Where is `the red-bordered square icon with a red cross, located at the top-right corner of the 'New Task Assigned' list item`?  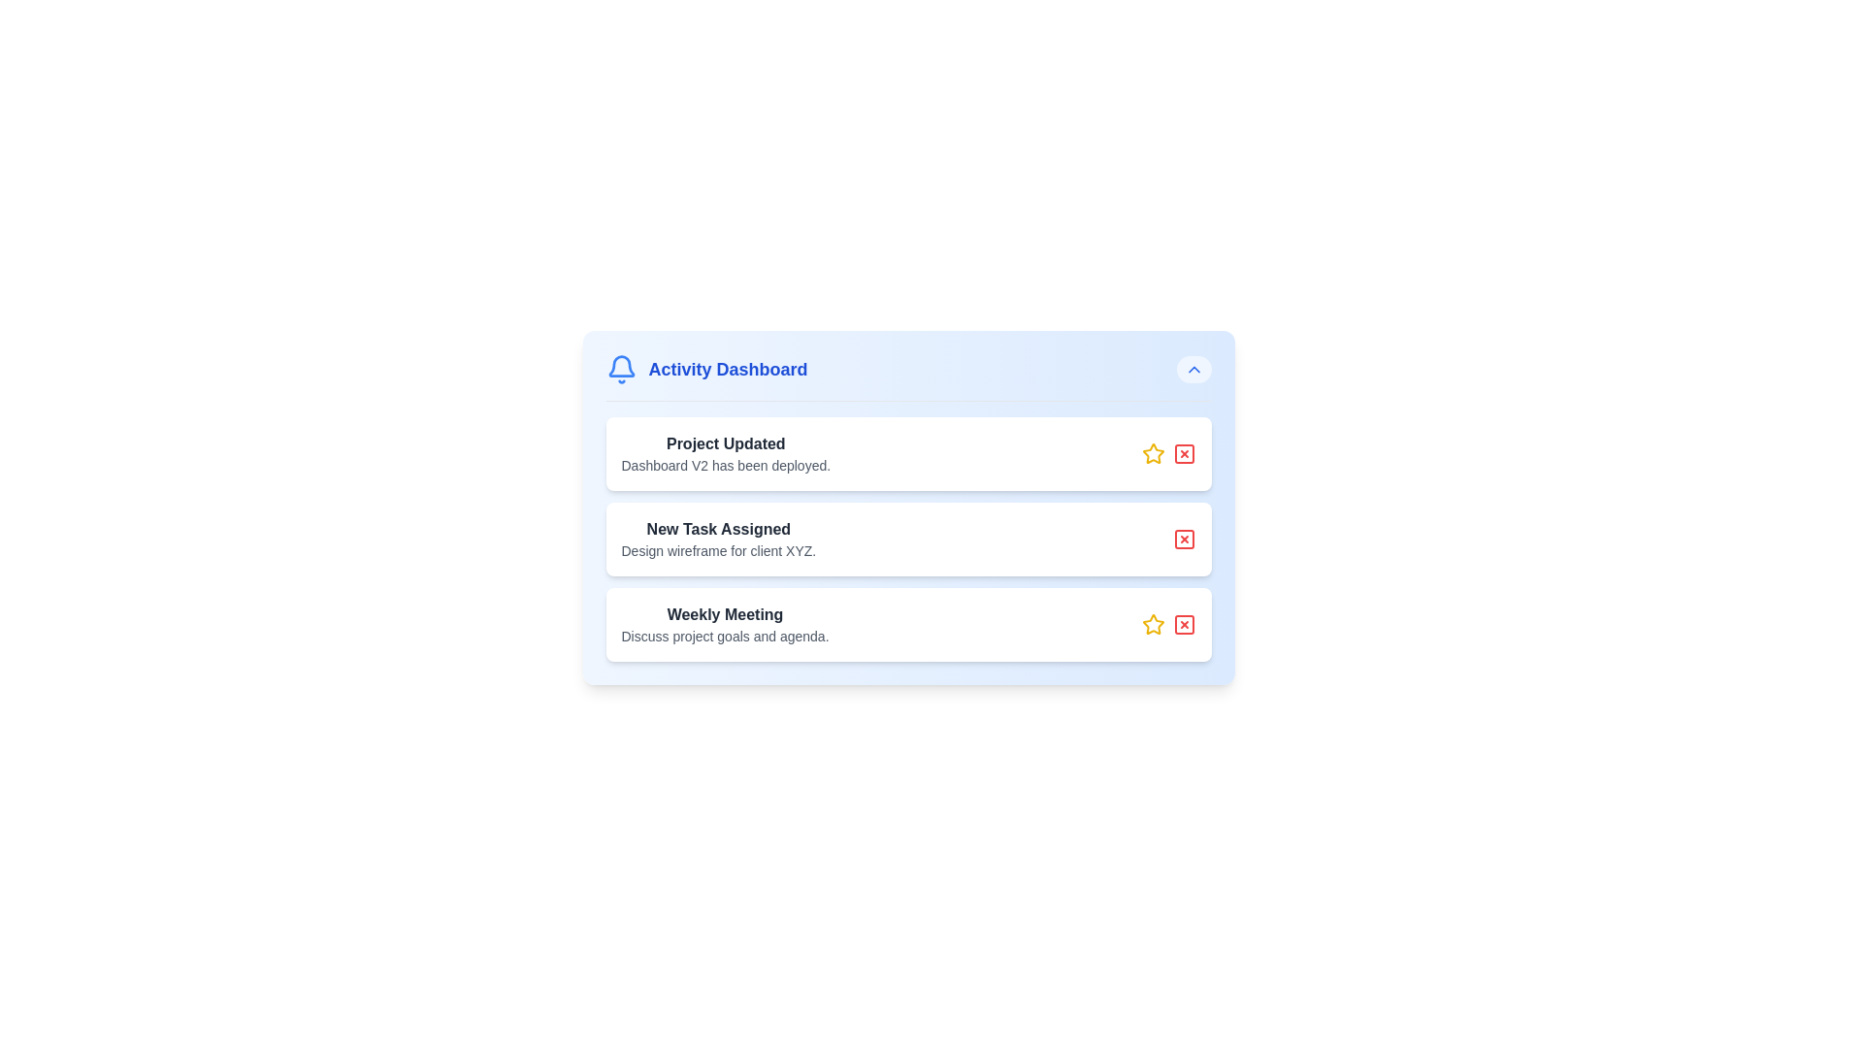 the red-bordered square icon with a red cross, located at the top-right corner of the 'New Task Assigned' list item is located at coordinates (1183, 539).